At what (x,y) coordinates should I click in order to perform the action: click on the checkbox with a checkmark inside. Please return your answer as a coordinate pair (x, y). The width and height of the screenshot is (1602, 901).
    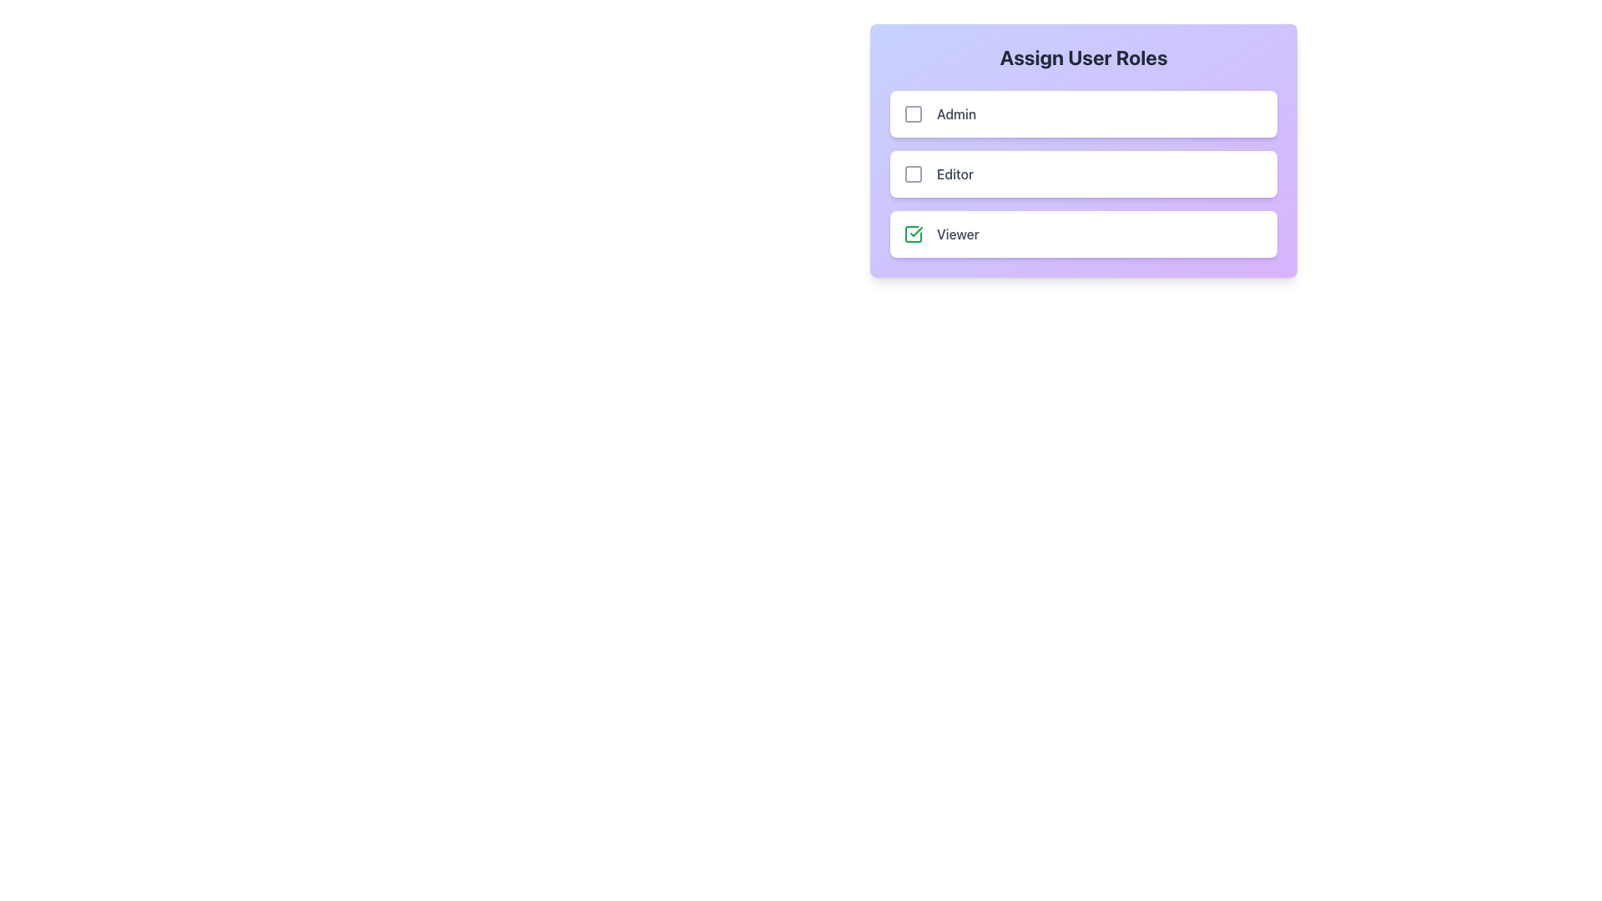
    Looking at the image, I should click on (912, 234).